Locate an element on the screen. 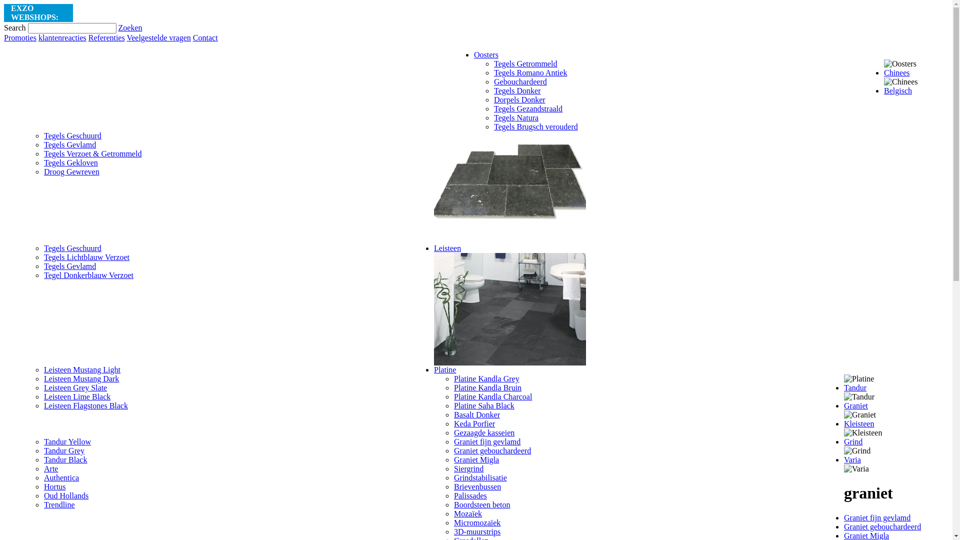 This screenshot has width=960, height=540. 'Oosters' is located at coordinates (486, 54).